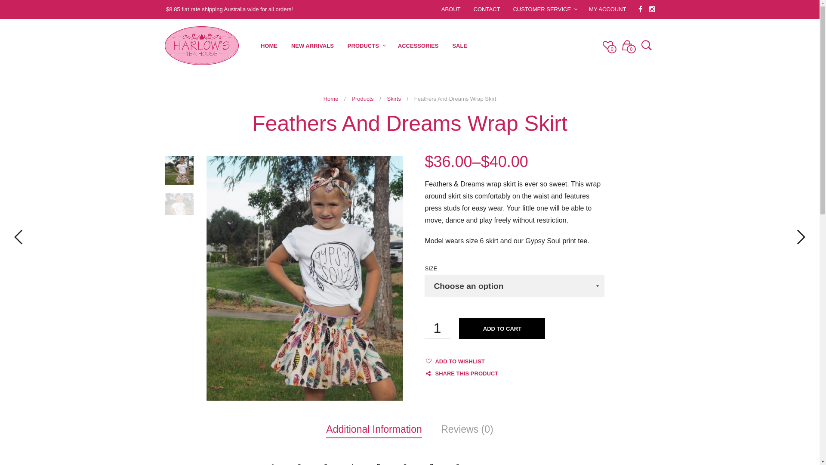 Image resolution: width=826 pixels, height=465 pixels. I want to click on 'ADD TO CART', so click(502, 329).